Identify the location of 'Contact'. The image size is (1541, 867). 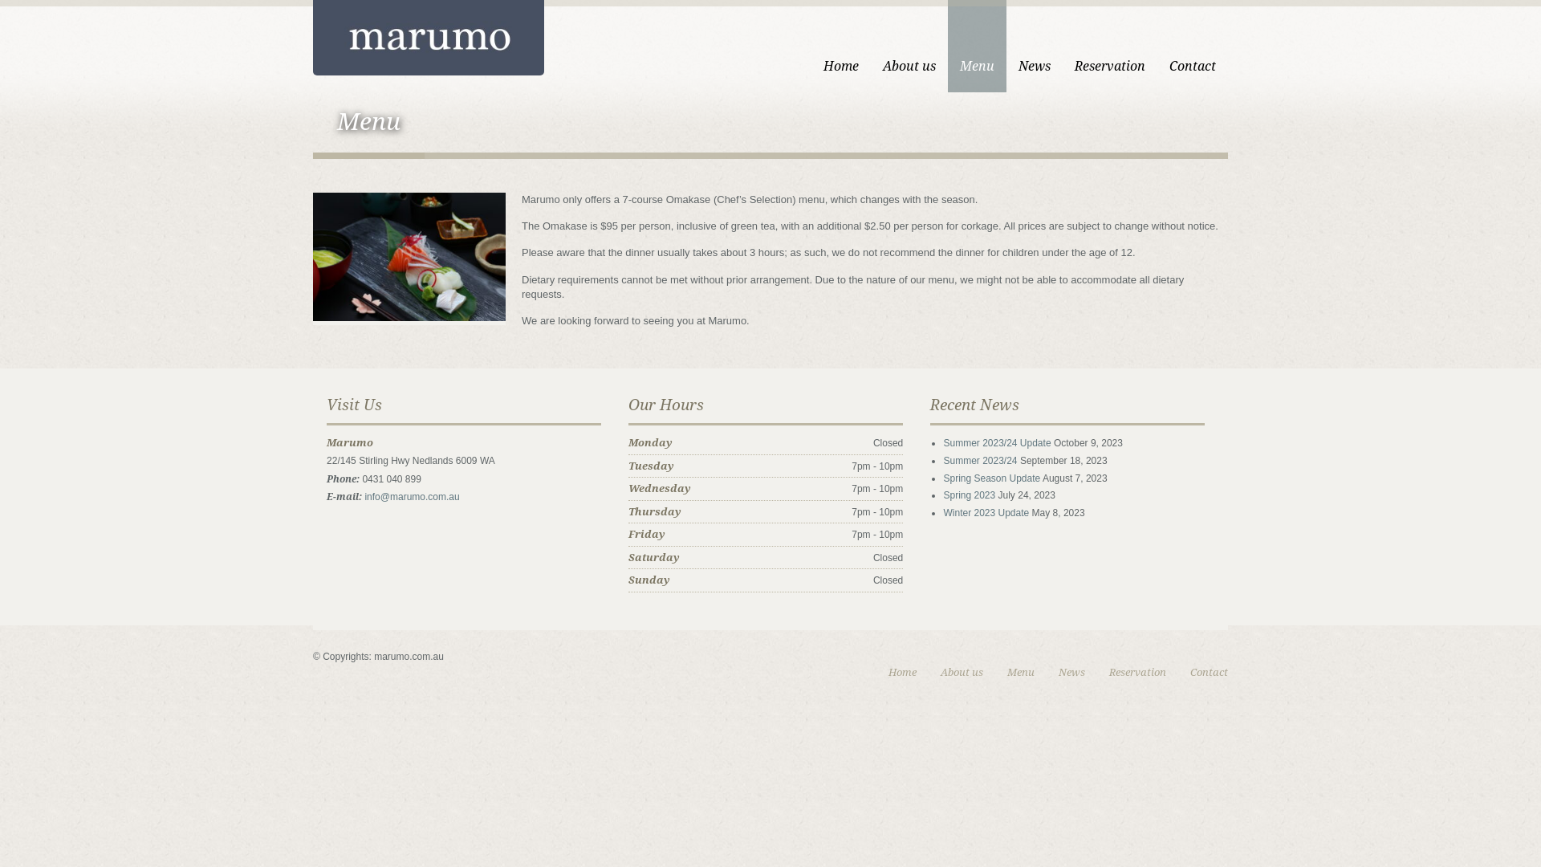
(1193, 45).